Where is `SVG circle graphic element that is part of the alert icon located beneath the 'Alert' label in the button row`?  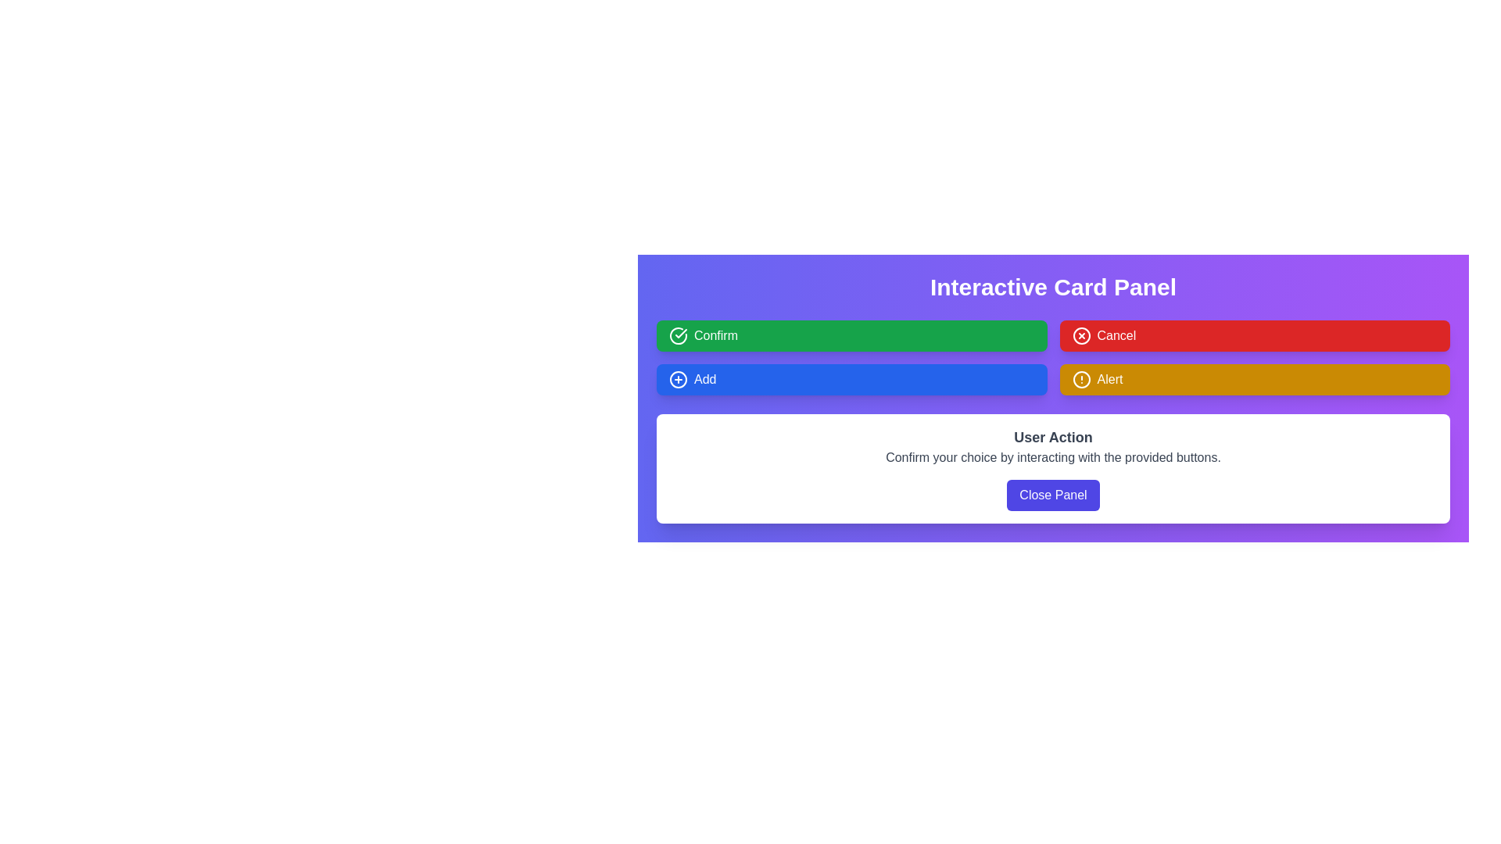
SVG circle graphic element that is part of the alert icon located beneath the 'Alert' label in the button row is located at coordinates (1080, 380).